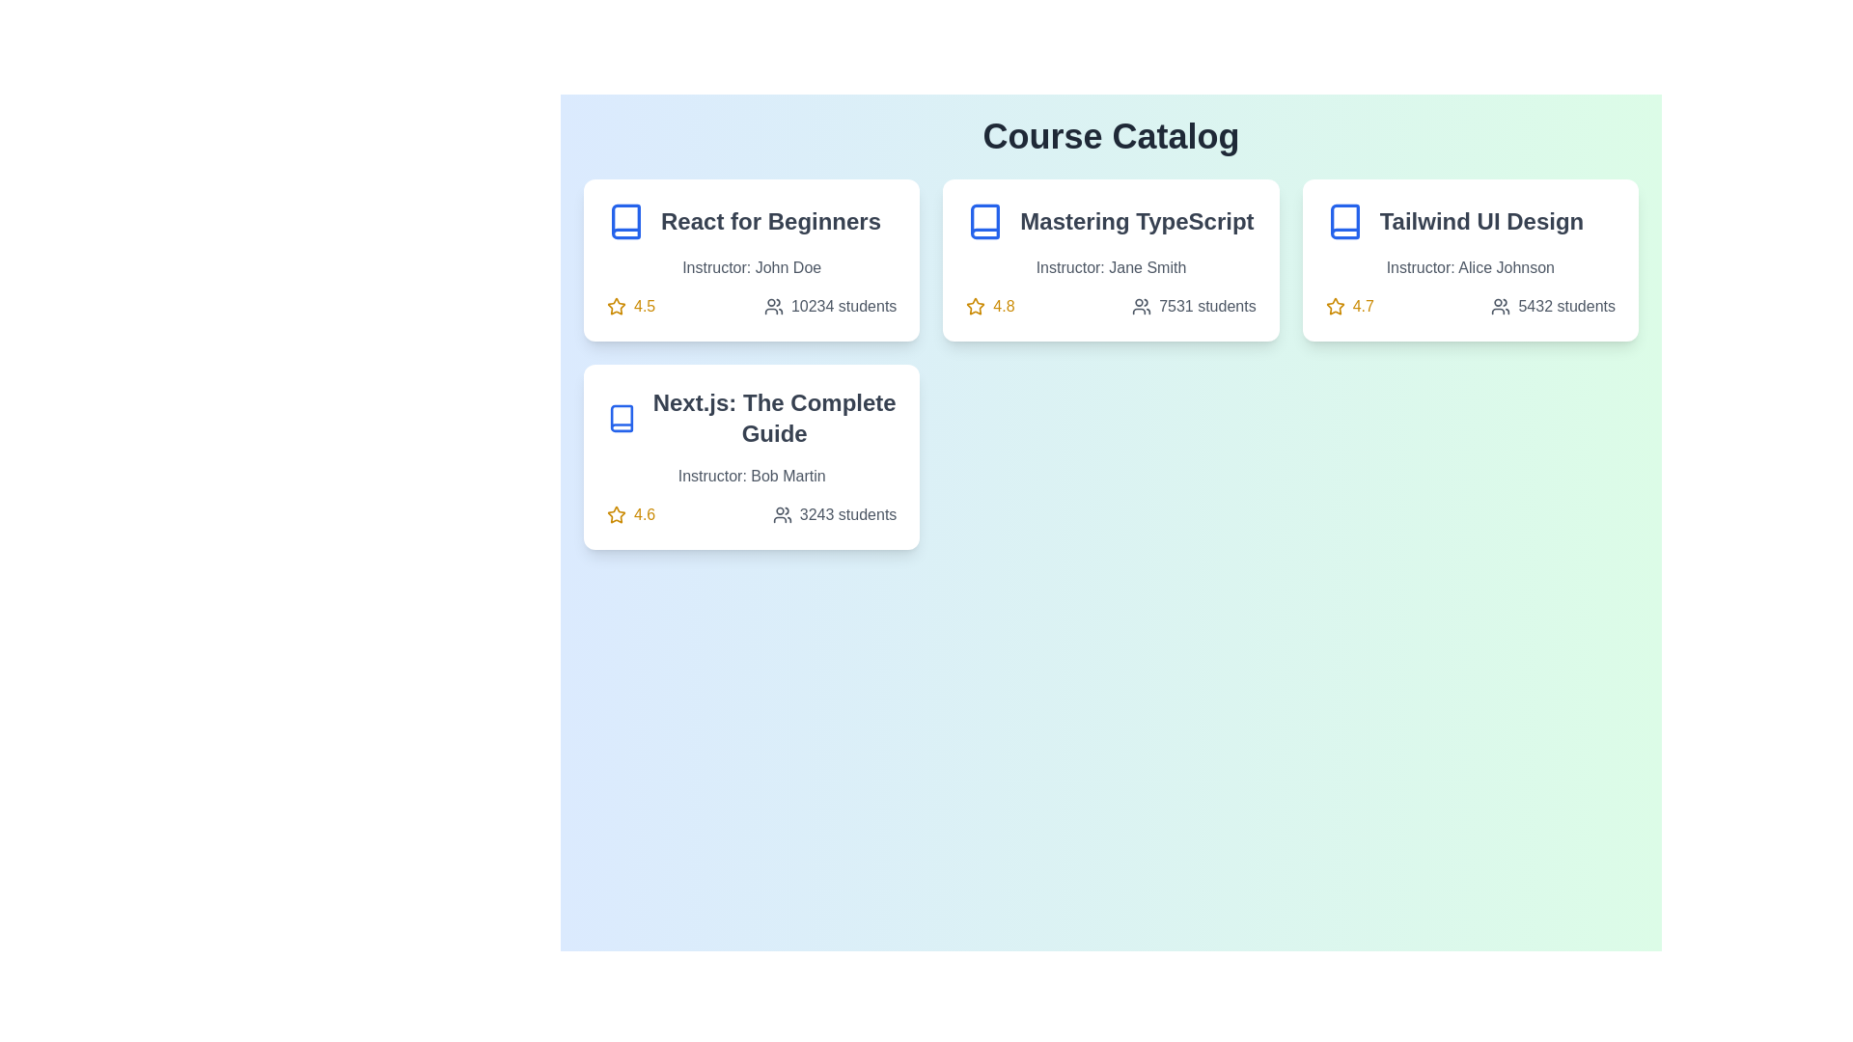  What do you see at coordinates (1553, 305) in the screenshot?
I see `numeric indication of the number of students enrolled in the course from the text label located at the bottom center of the 'Tailwind UI Design' card` at bounding box center [1553, 305].